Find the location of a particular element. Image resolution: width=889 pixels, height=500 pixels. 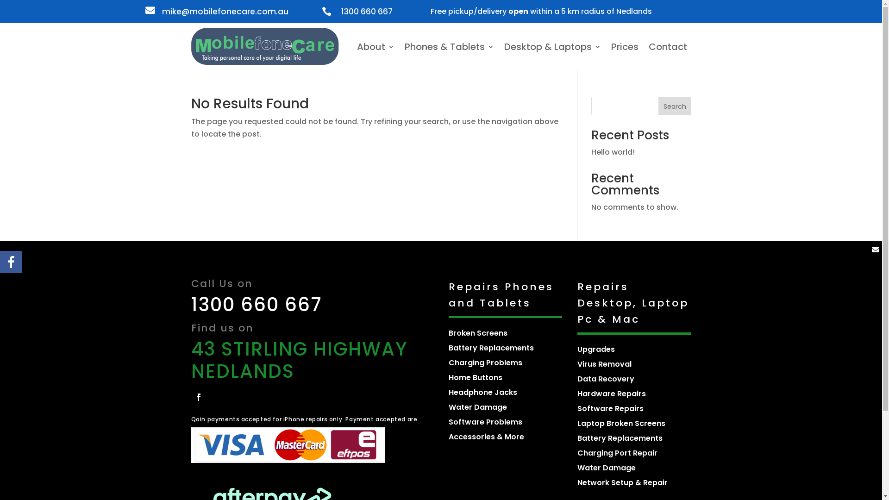

'Group-1-1-1024x137' is located at coordinates (287, 444).